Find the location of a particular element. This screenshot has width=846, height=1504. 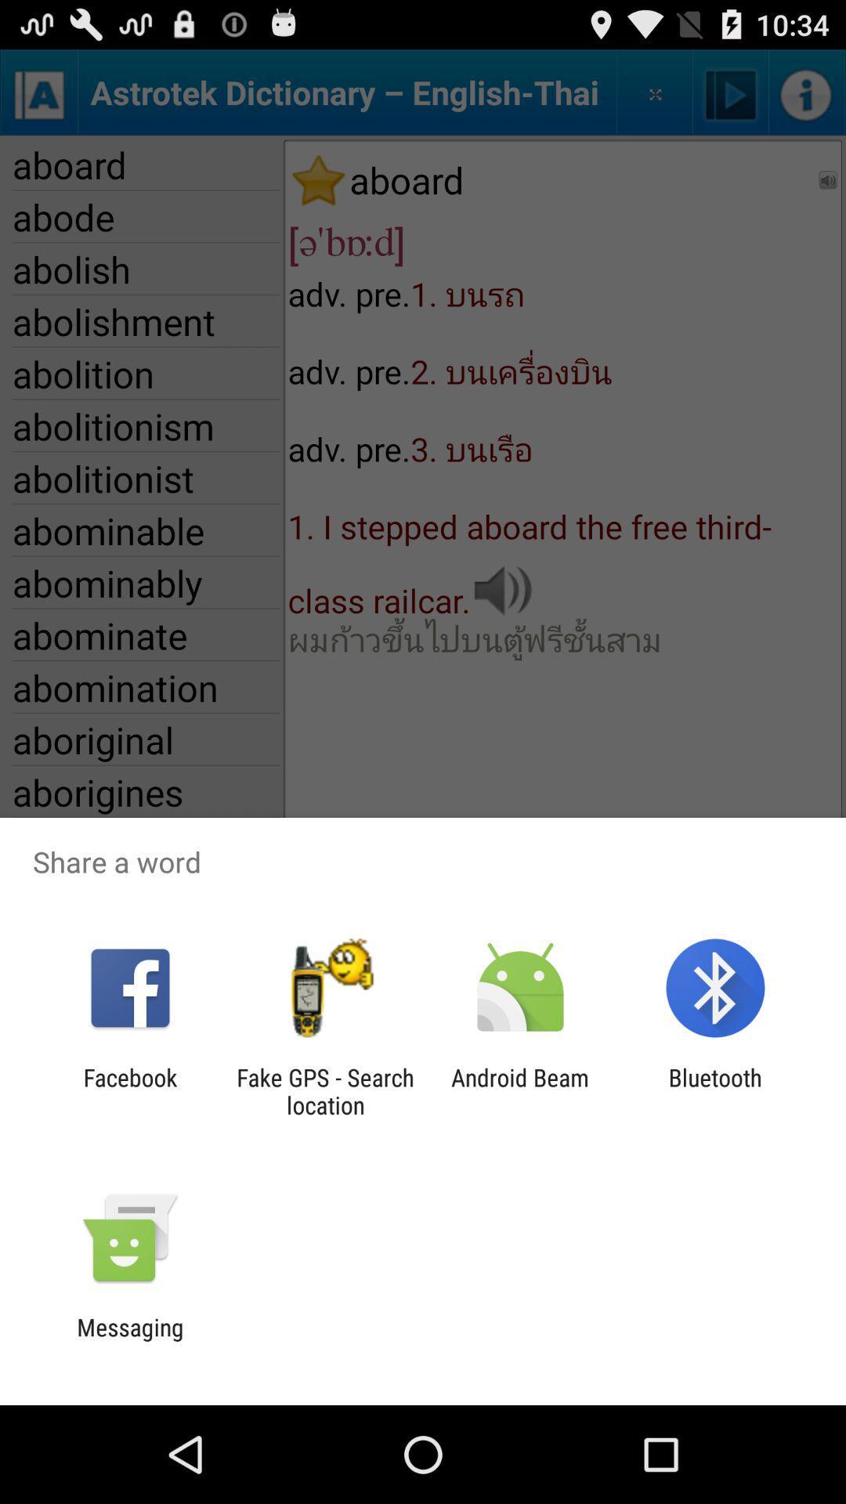

the icon next to android beam item is located at coordinates (715, 1090).